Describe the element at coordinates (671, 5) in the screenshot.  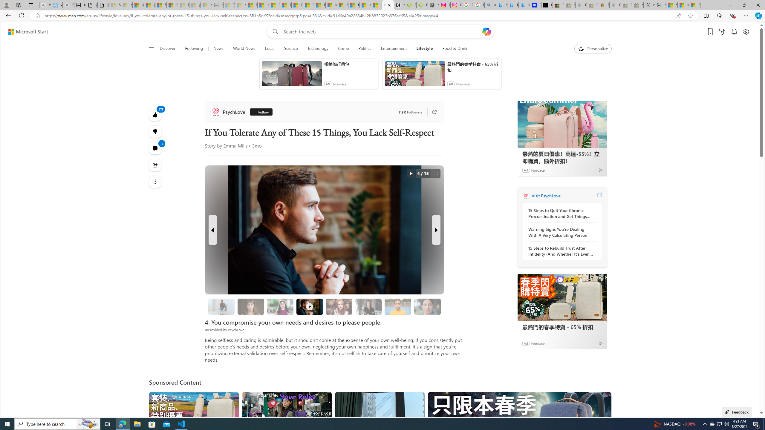
I see `'Shanghai, China hourly forecast | Microsoft Weather'` at that location.